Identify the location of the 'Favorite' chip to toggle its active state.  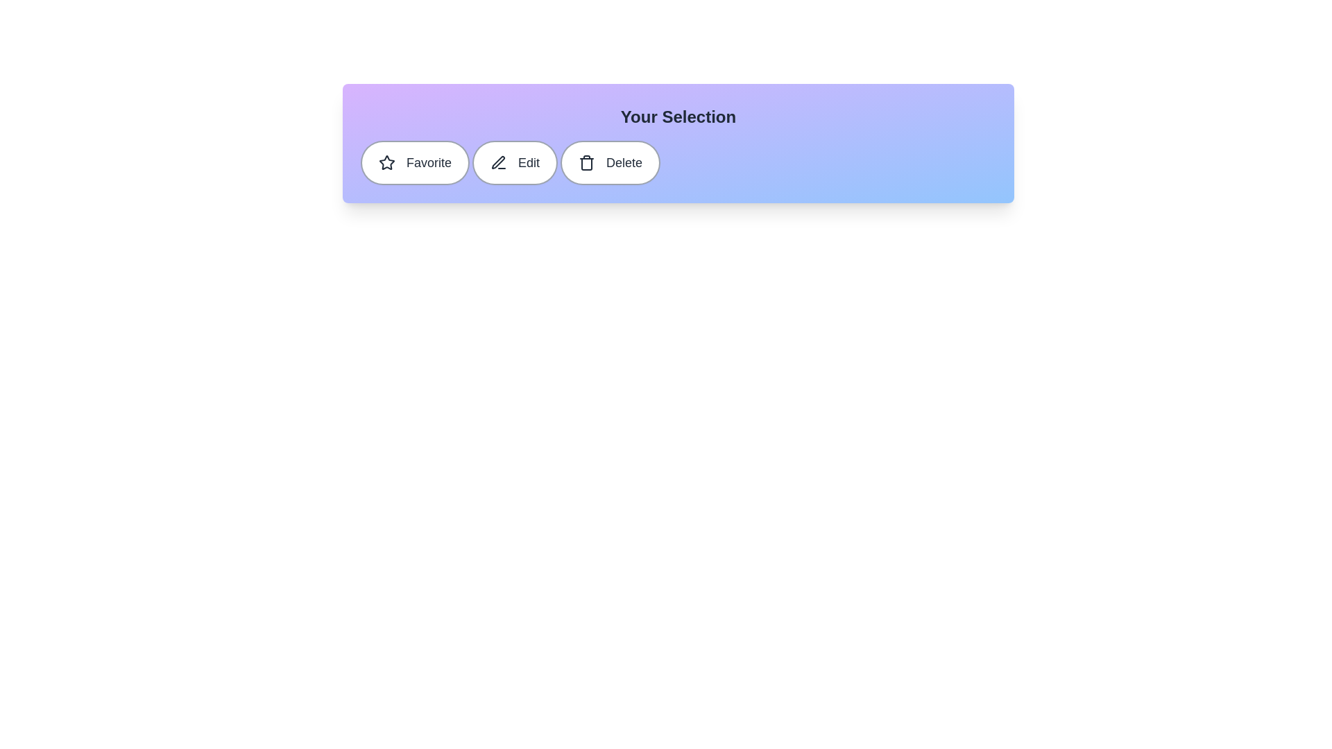
(414, 162).